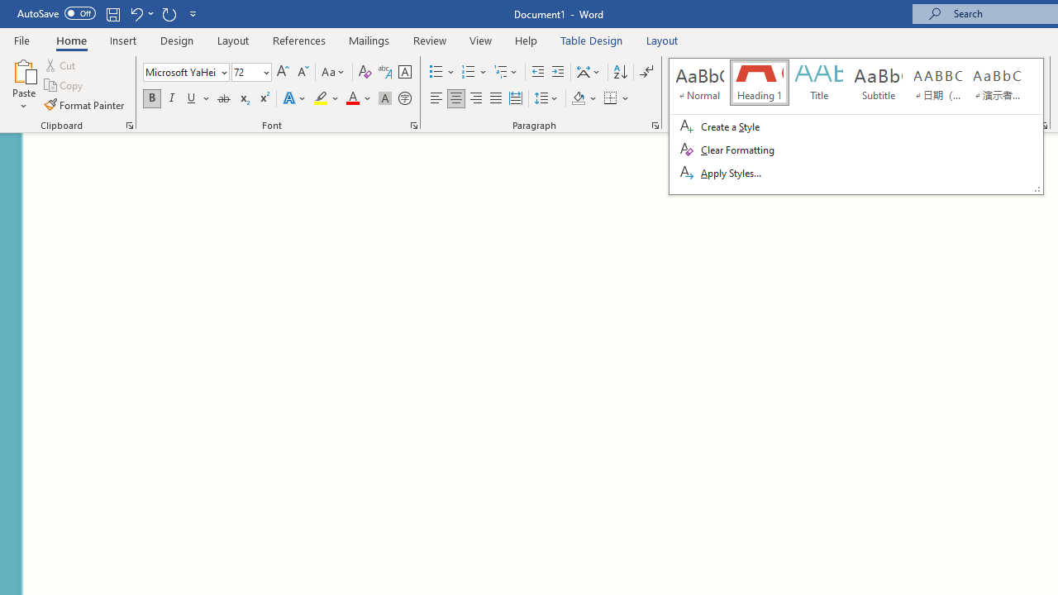 The height and width of the screenshot is (595, 1058). What do you see at coordinates (222, 98) in the screenshot?
I see `'Strikethrough'` at bounding box center [222, 98].